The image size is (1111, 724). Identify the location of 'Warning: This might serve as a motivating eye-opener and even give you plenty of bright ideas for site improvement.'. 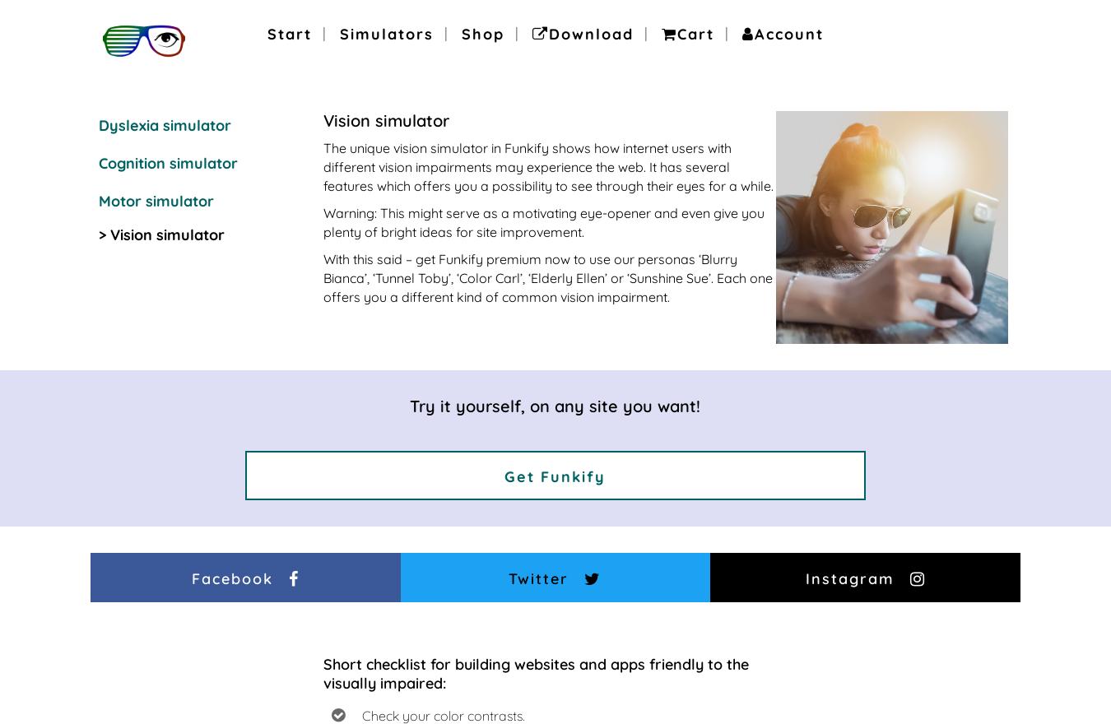
(543, 222).